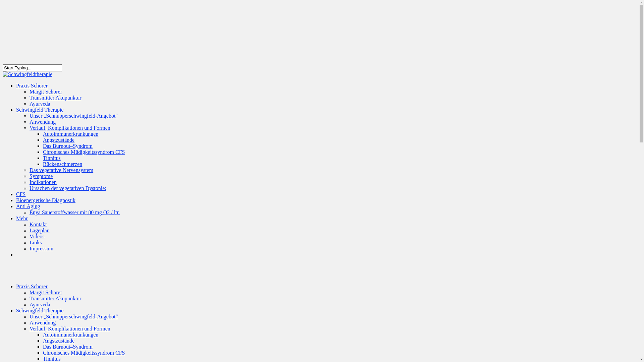 The width and height of the screenshot is (644, 362). What do you see at coordinates (43, 158) in the screenshot?
I see `'Tinnitus'` at bounding box center [43, 158].